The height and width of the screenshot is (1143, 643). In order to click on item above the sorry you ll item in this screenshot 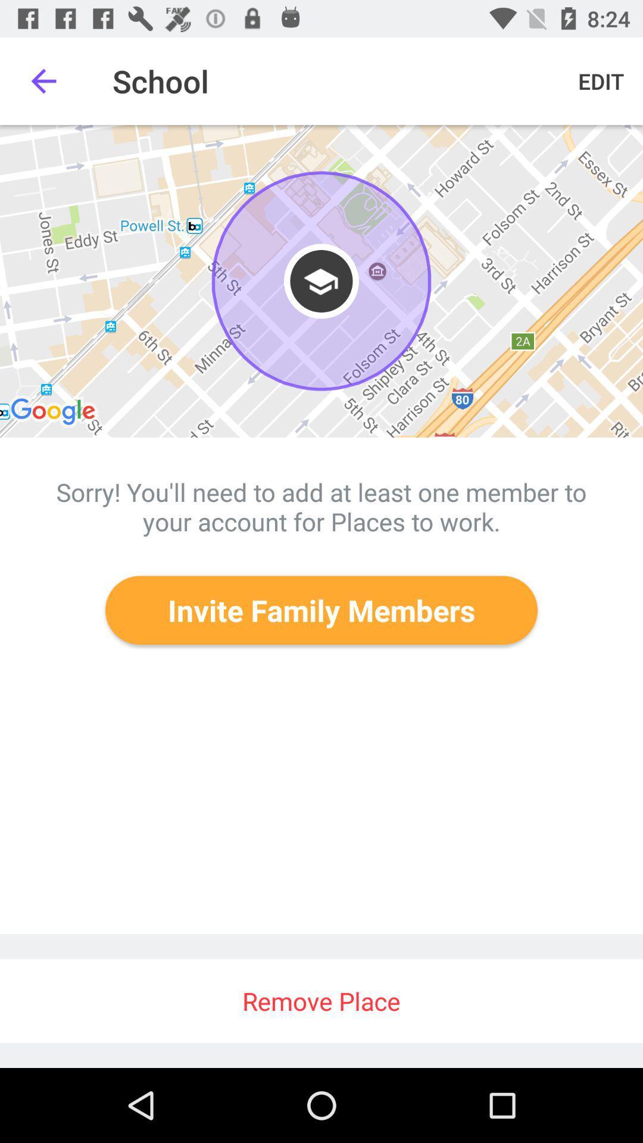, I will do `click(321, 280)`.